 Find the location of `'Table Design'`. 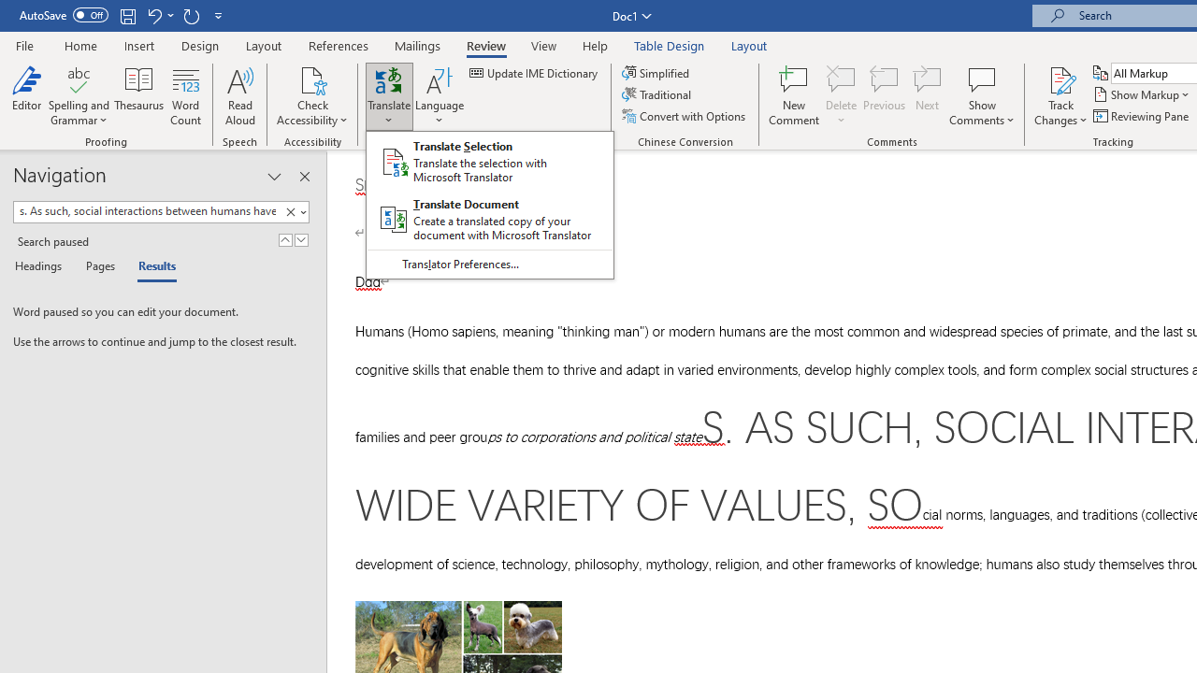

'Table Design' is located at coordinates (670, 45).